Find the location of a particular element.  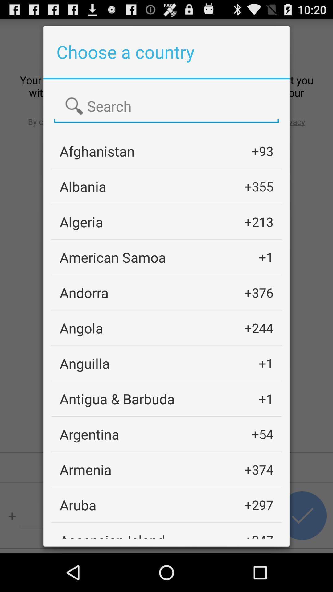

icon next to the +1 icon is located at coordinates (117, 399).